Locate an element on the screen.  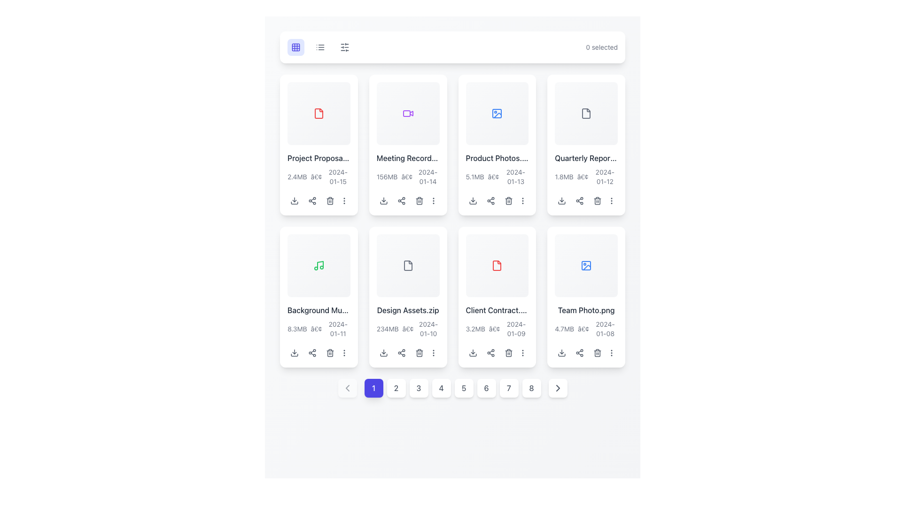
the delete button represented by a trash bin icon located in the action row below 'Design Assets.zip' is located at coordinates (419, 353).